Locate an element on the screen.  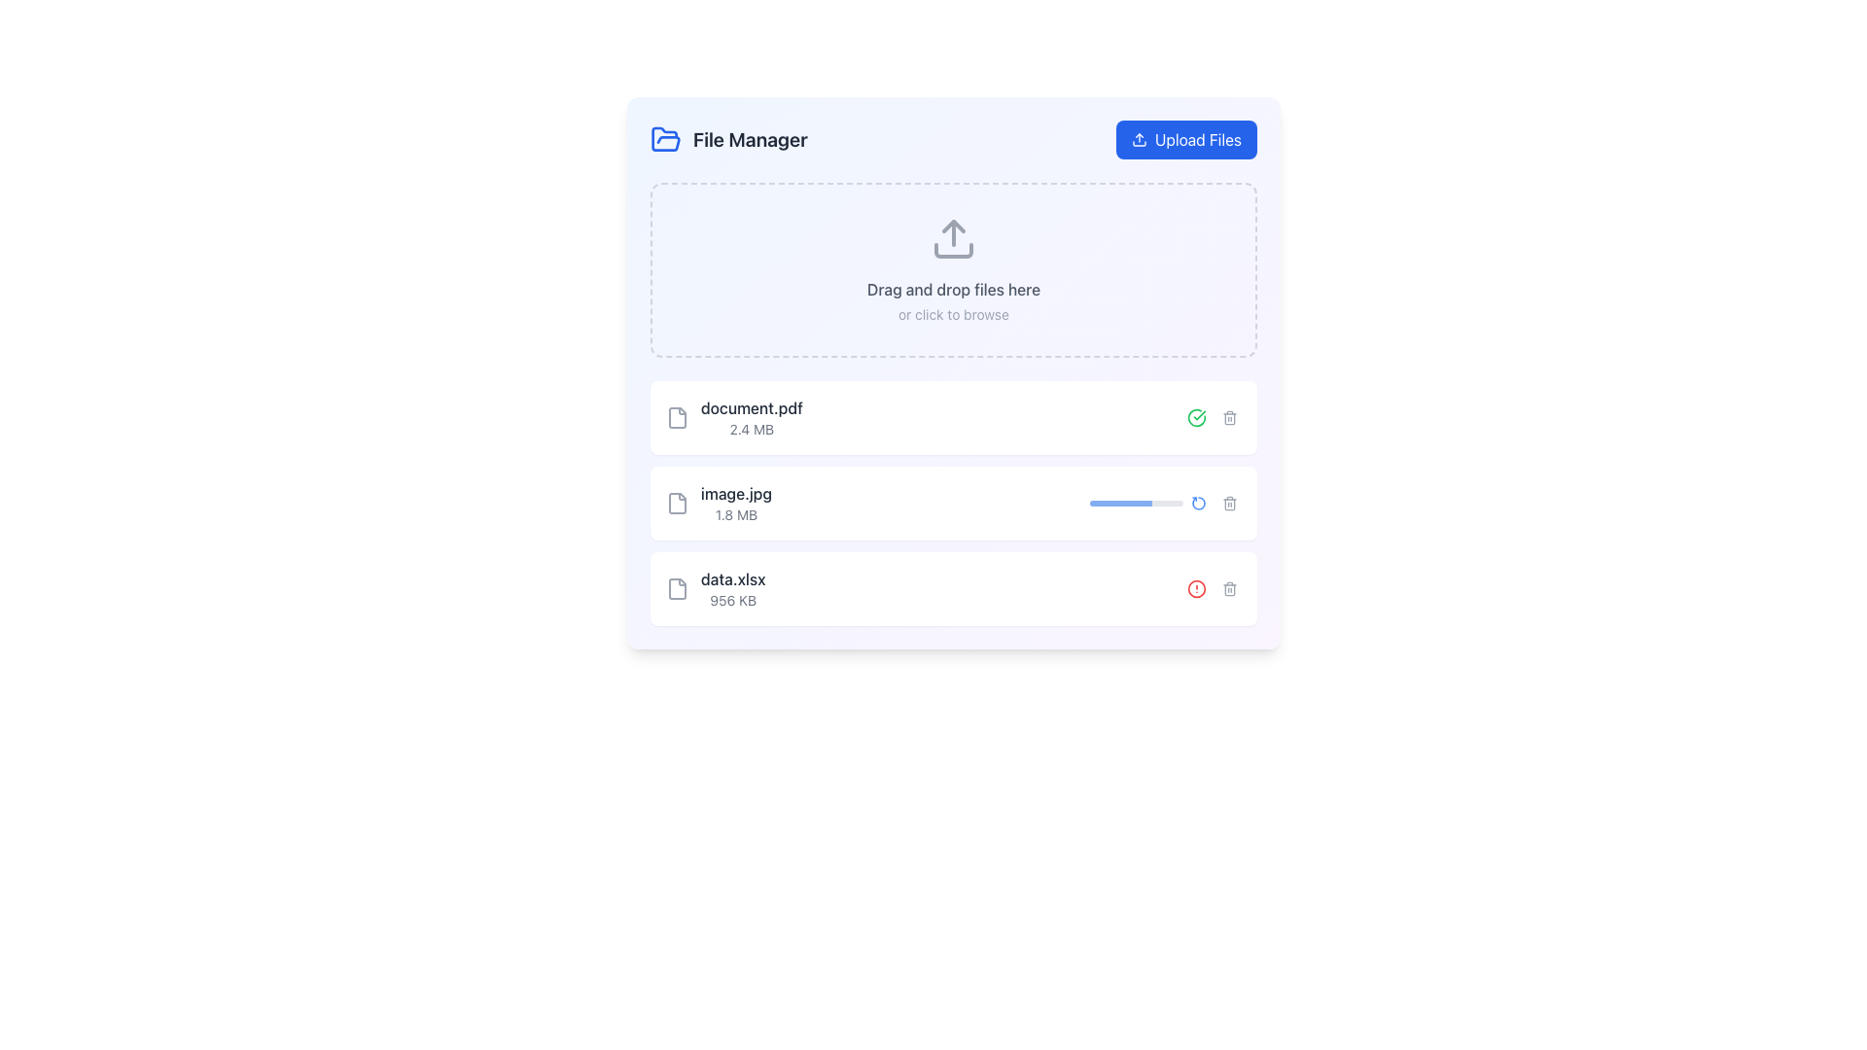
the label displaying the filename in the file manager interface, located in the third row above '956 KB' is located at coordinates (732, 578).